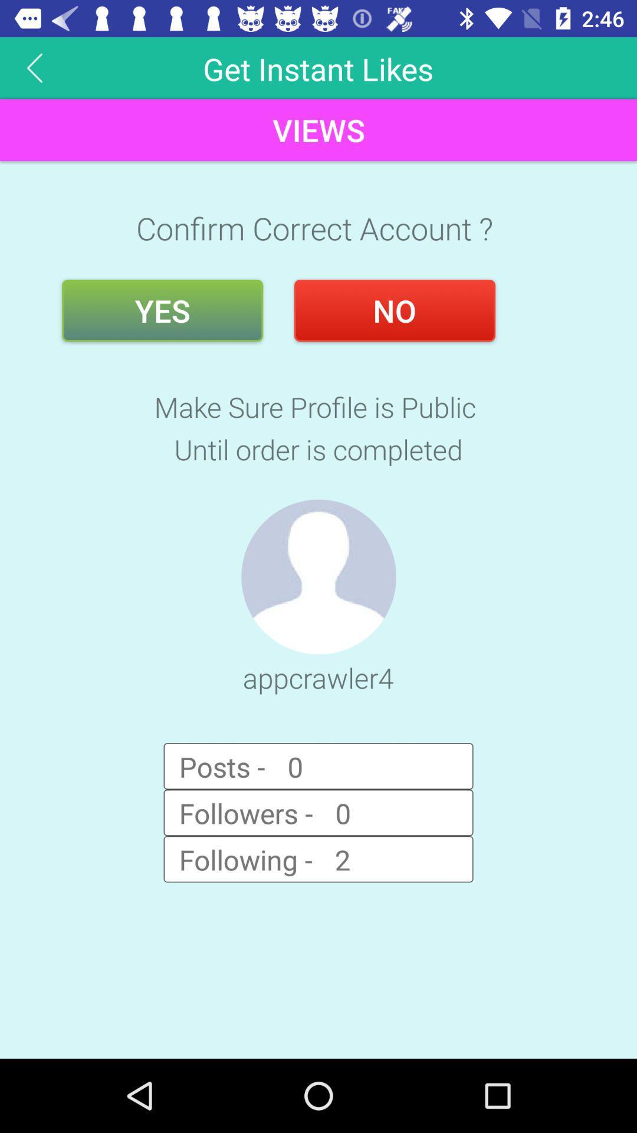 This screenshot has height=1133, width=637. What do you see at coordinates (34, 67) in the screenshot?
I see `button above views` at bounding box center [34, 67].